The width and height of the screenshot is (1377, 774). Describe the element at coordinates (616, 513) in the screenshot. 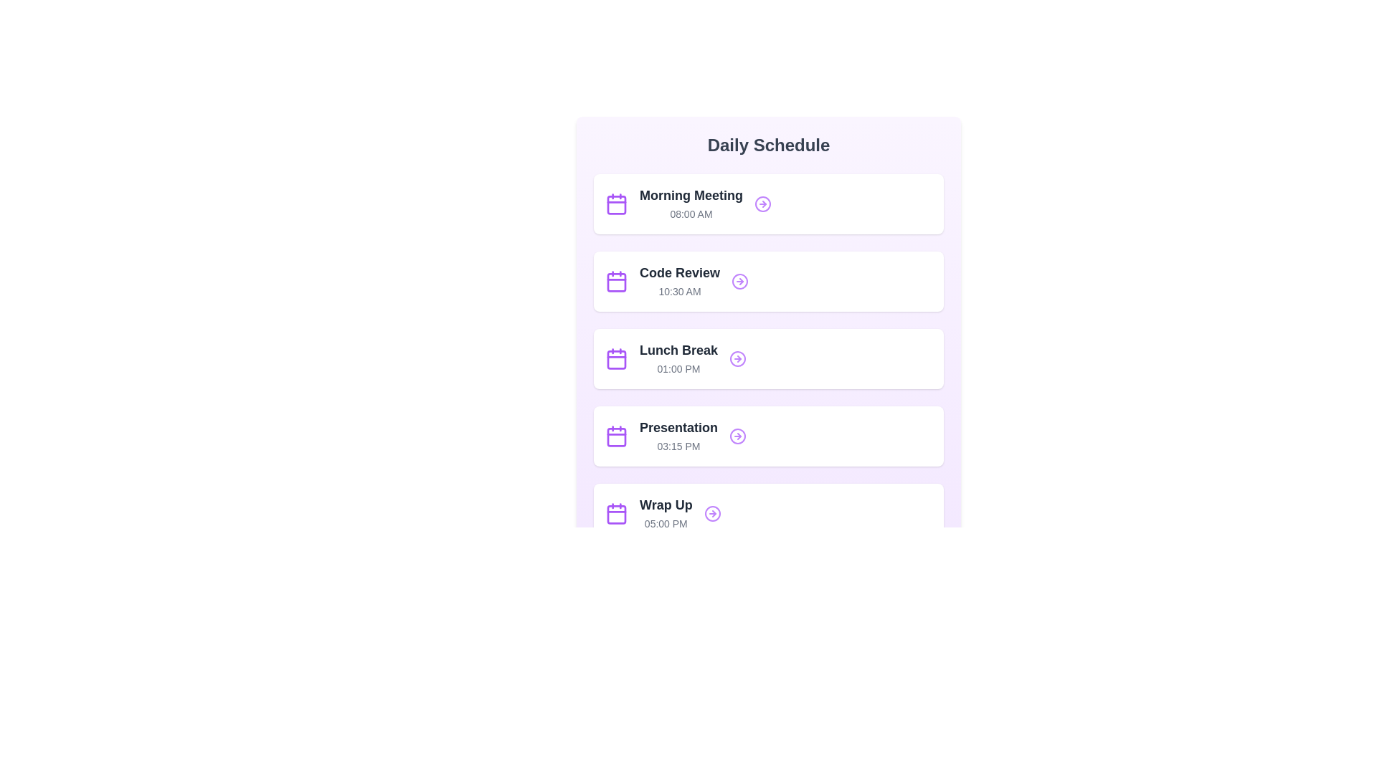

I see `the calendar icon located at the leftmost position of the 'Wrap Up 05:00 PM' row in the schedule interface` at that location.